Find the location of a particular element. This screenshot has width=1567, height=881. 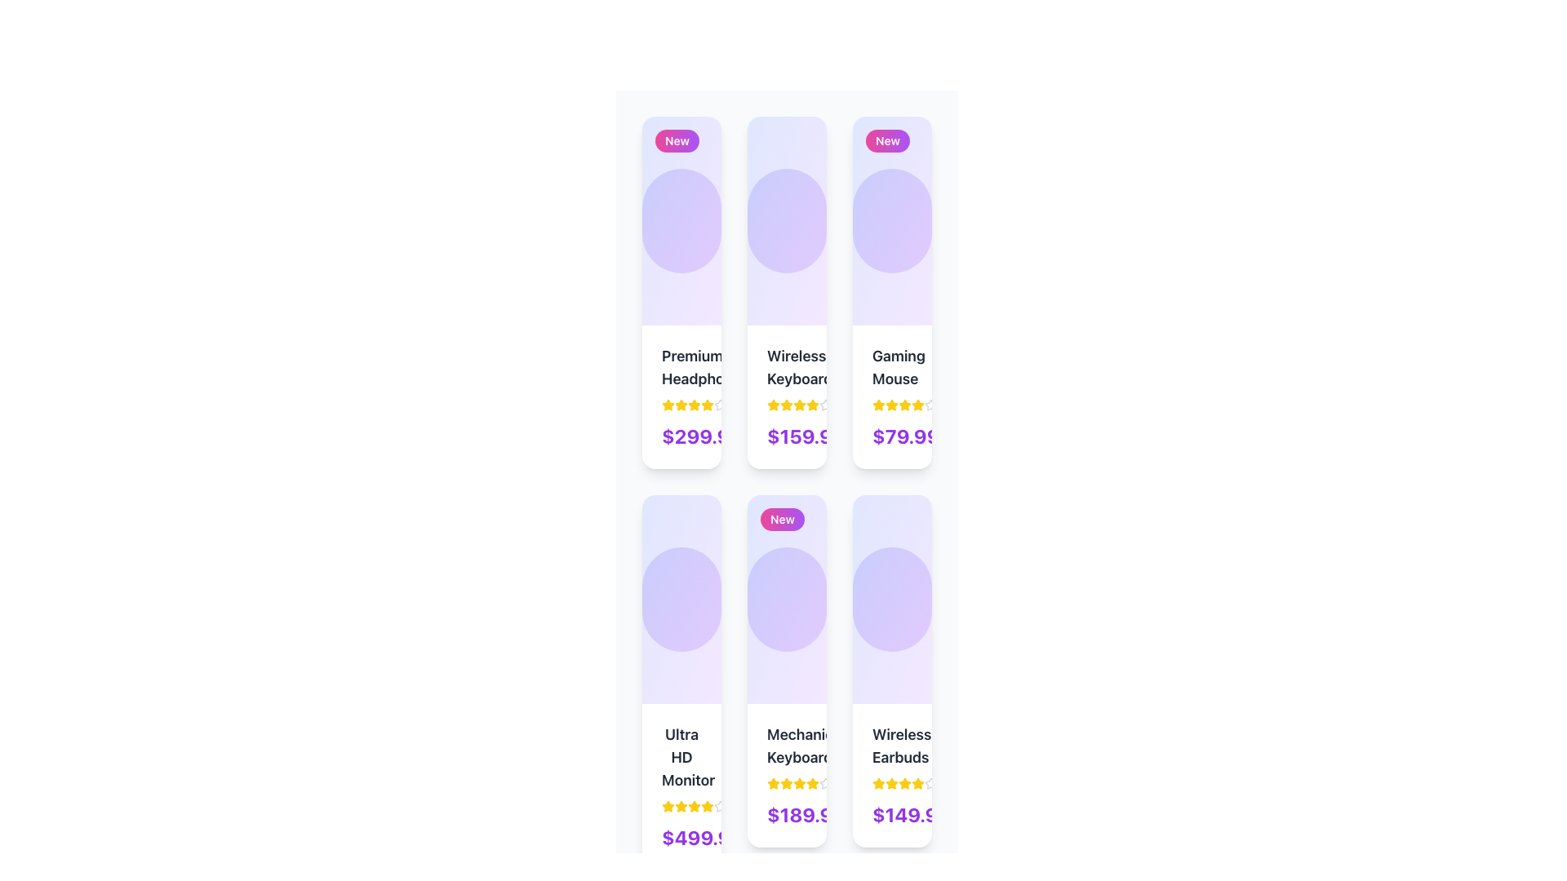

the circular decorative element with a gradient color scheme transitioning from indigo to purple, located in the upper portion of the first card in the topmost row is located at coordinates (681, 220).